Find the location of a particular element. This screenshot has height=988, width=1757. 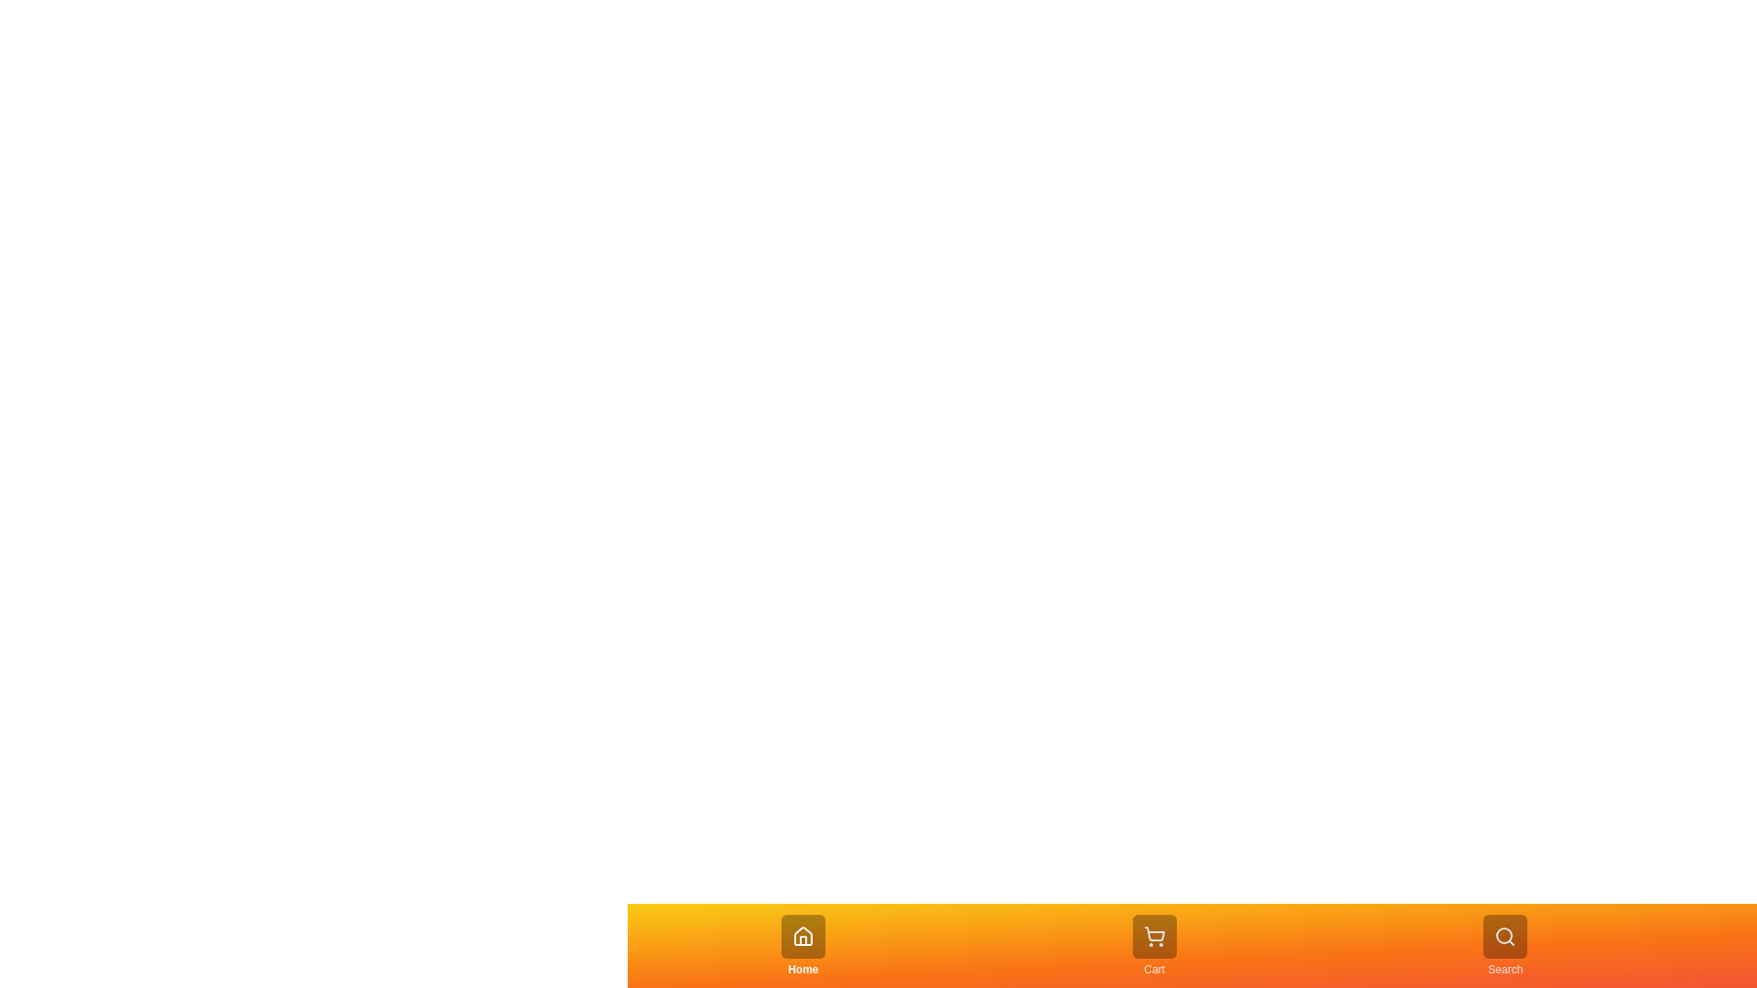

the 'Cart' tab in the bottom navigation component is located at coordinates (1153, 945).